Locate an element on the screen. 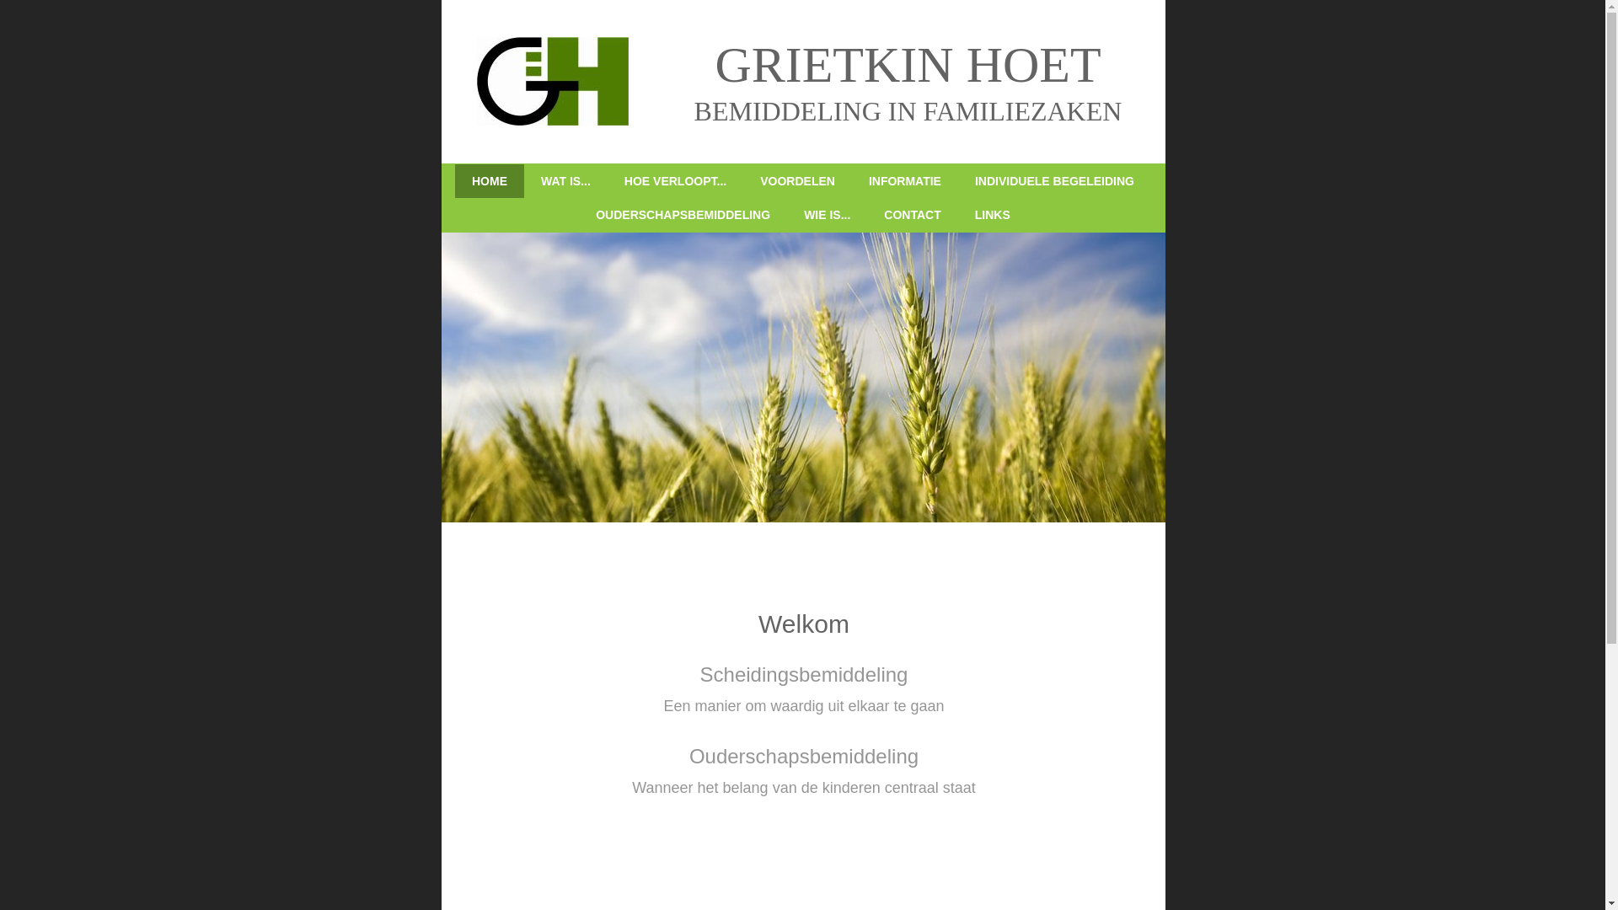 The width and height of the screenshot is (1618, 910). 'HOE VERLOOPT...' is located at coordinates (675, 181).